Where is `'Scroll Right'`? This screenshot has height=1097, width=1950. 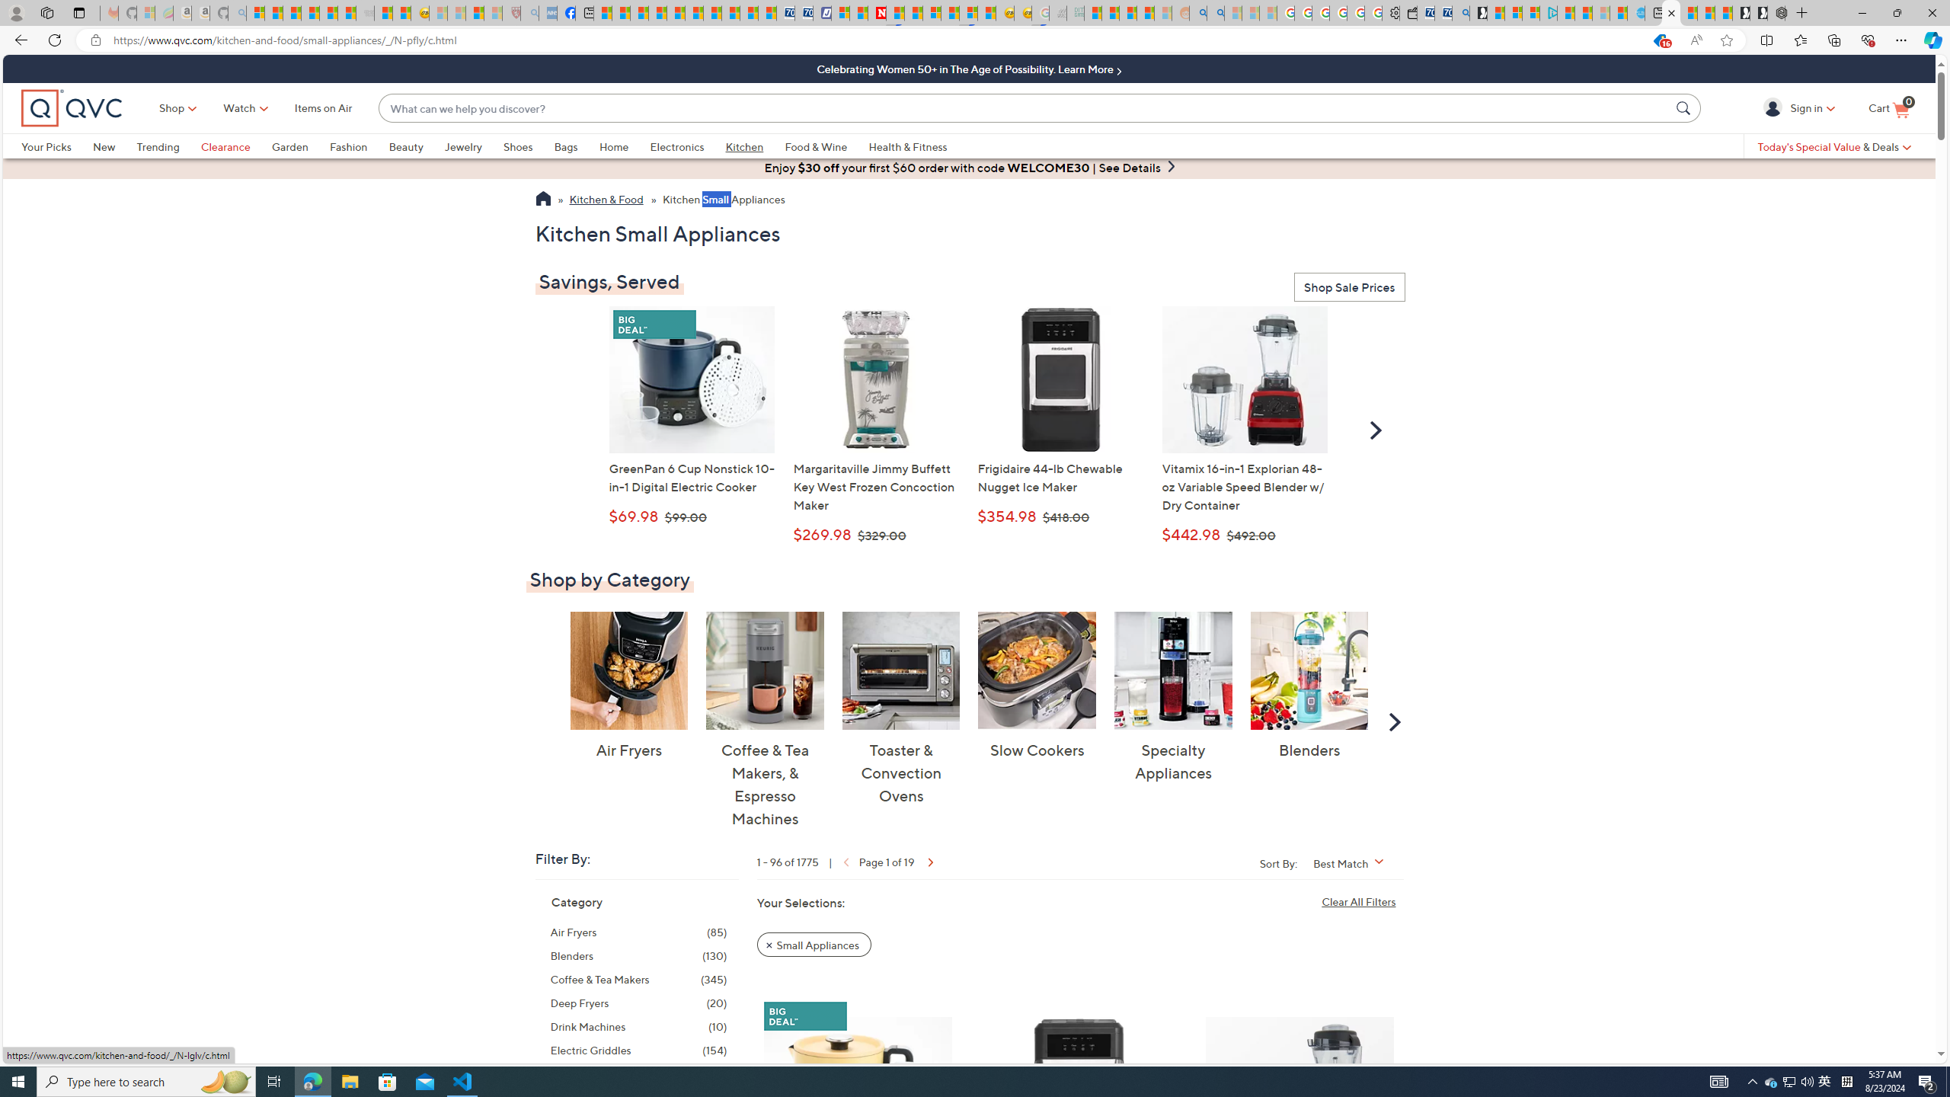 'Scroll Right' is located at coordinates (1394, 720).